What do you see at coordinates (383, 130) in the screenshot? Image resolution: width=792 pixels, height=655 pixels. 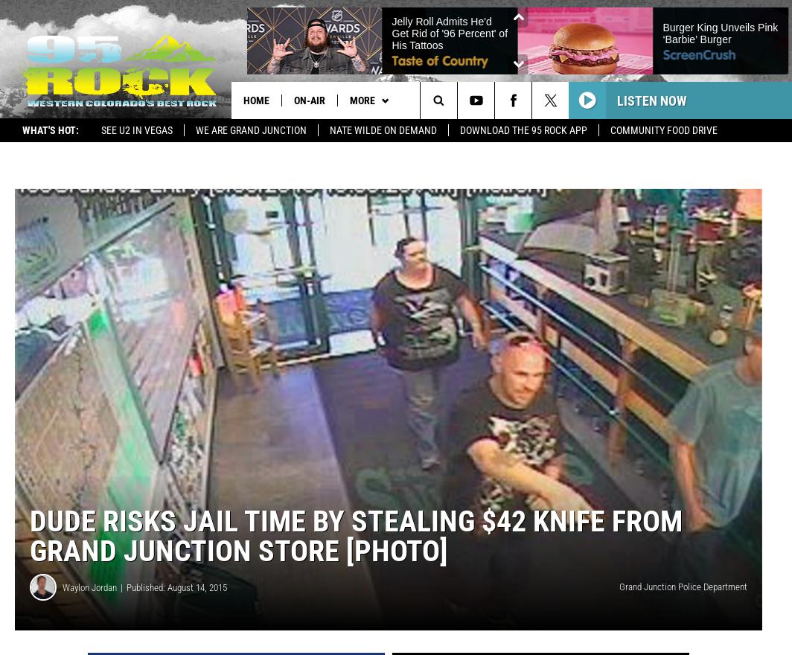 I see `'Nate Wilde On Demand'` at bounding box center [383, 130].